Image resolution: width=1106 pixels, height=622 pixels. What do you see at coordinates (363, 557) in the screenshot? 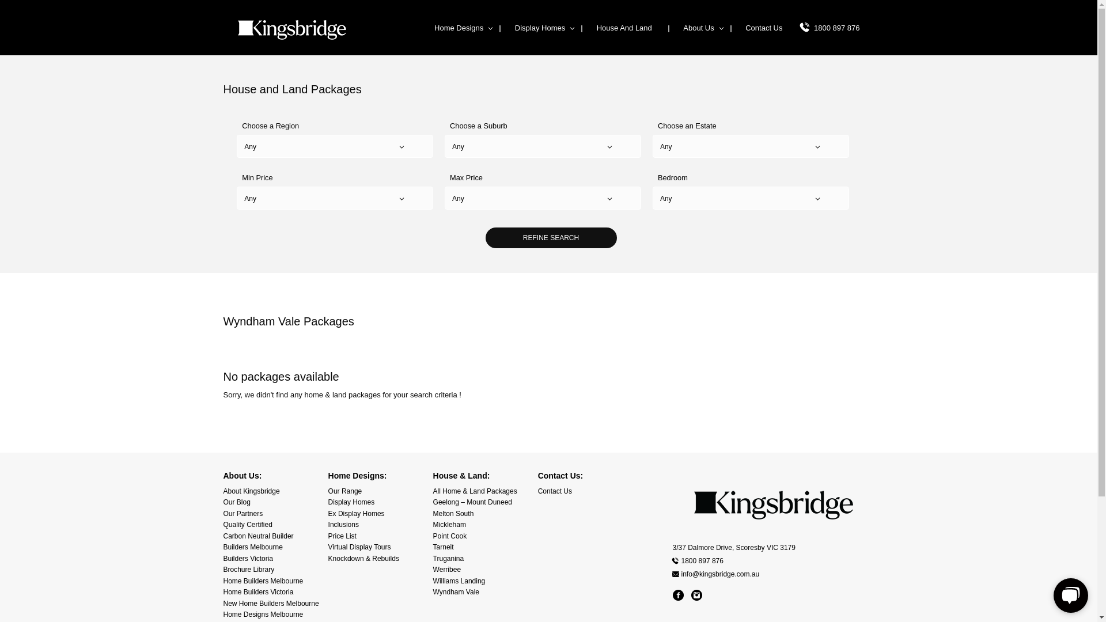
I see `'Knockdown & Rebuilds'` at bounding box center [363, 557].